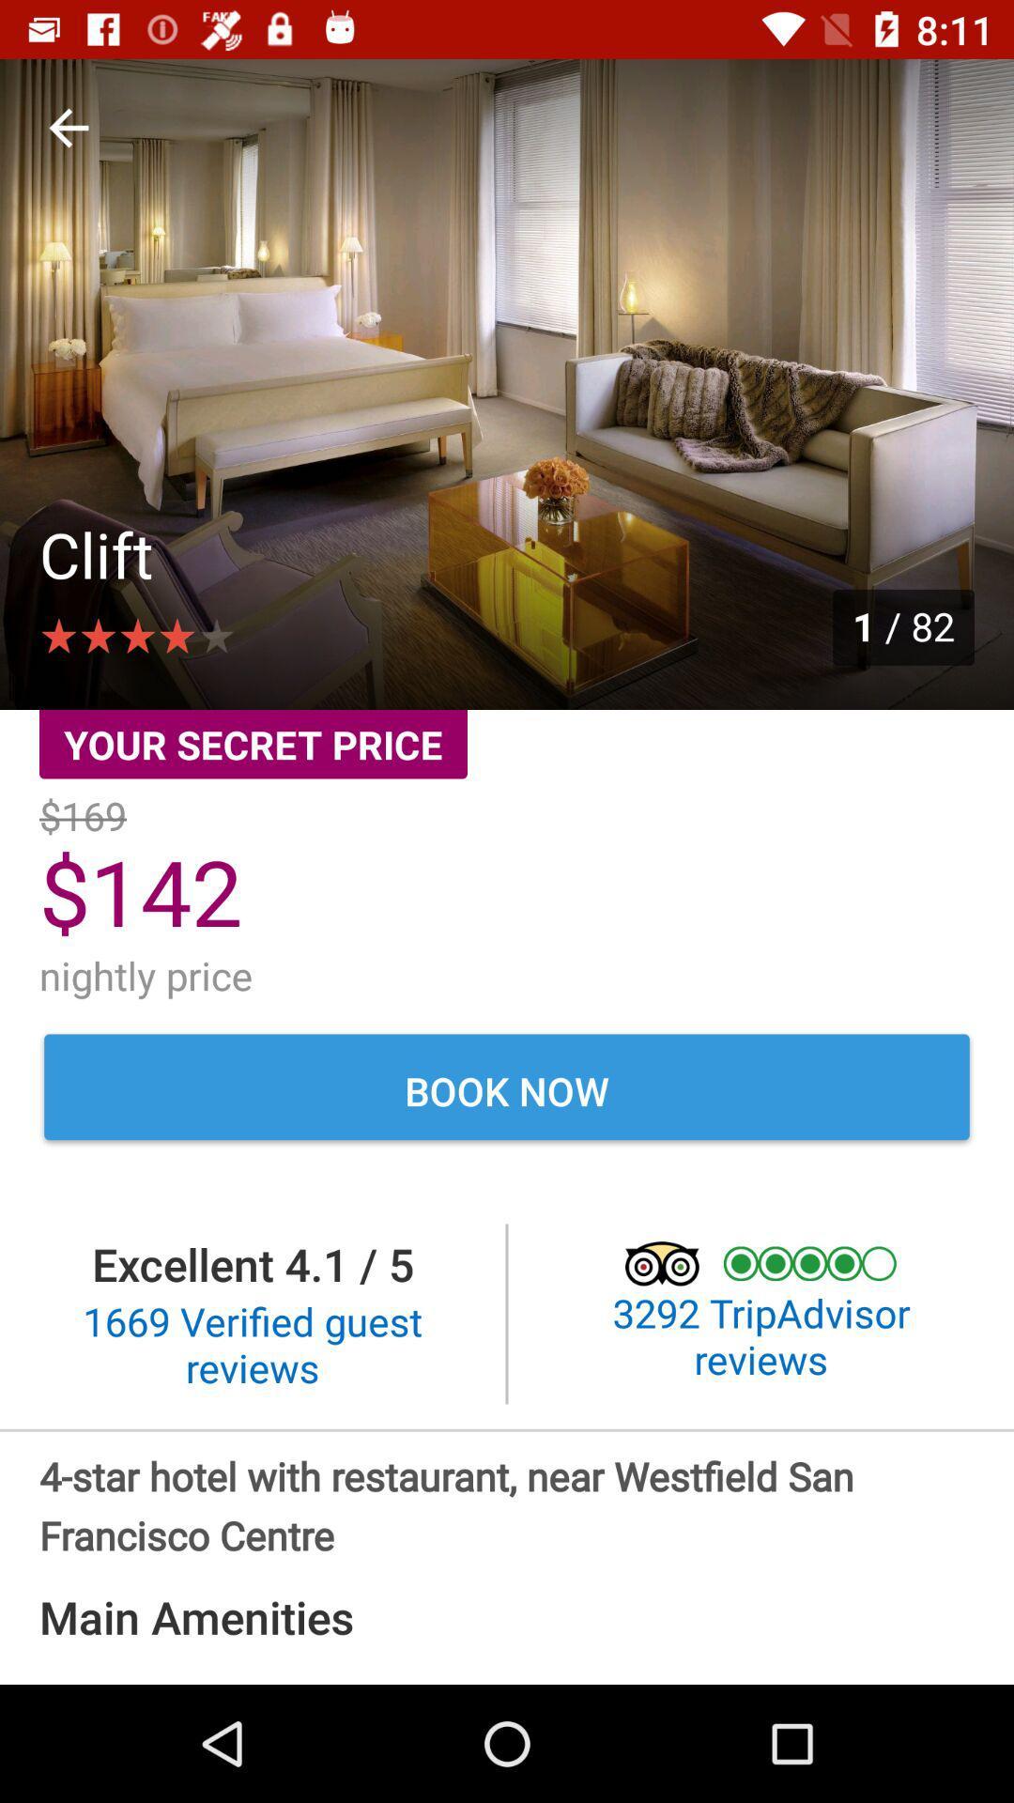 The width and height of the screenshot is (1014, 1803). What do you see at coordinates (507, 1090) in the screenshot?
I see `book now` at bounding box center [507, 1090].